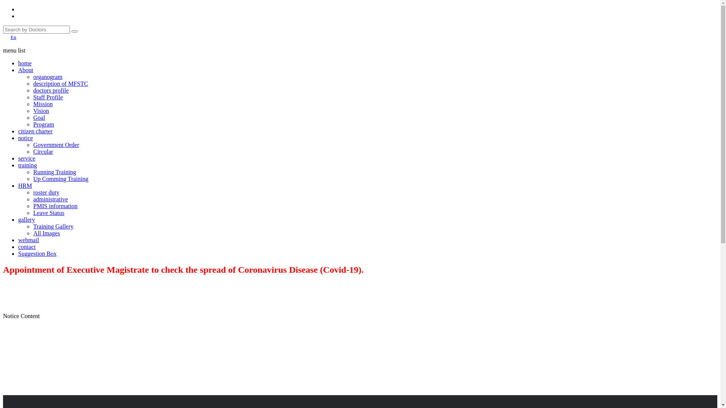  I want to click on 'PMIS information', so click(55, 206).